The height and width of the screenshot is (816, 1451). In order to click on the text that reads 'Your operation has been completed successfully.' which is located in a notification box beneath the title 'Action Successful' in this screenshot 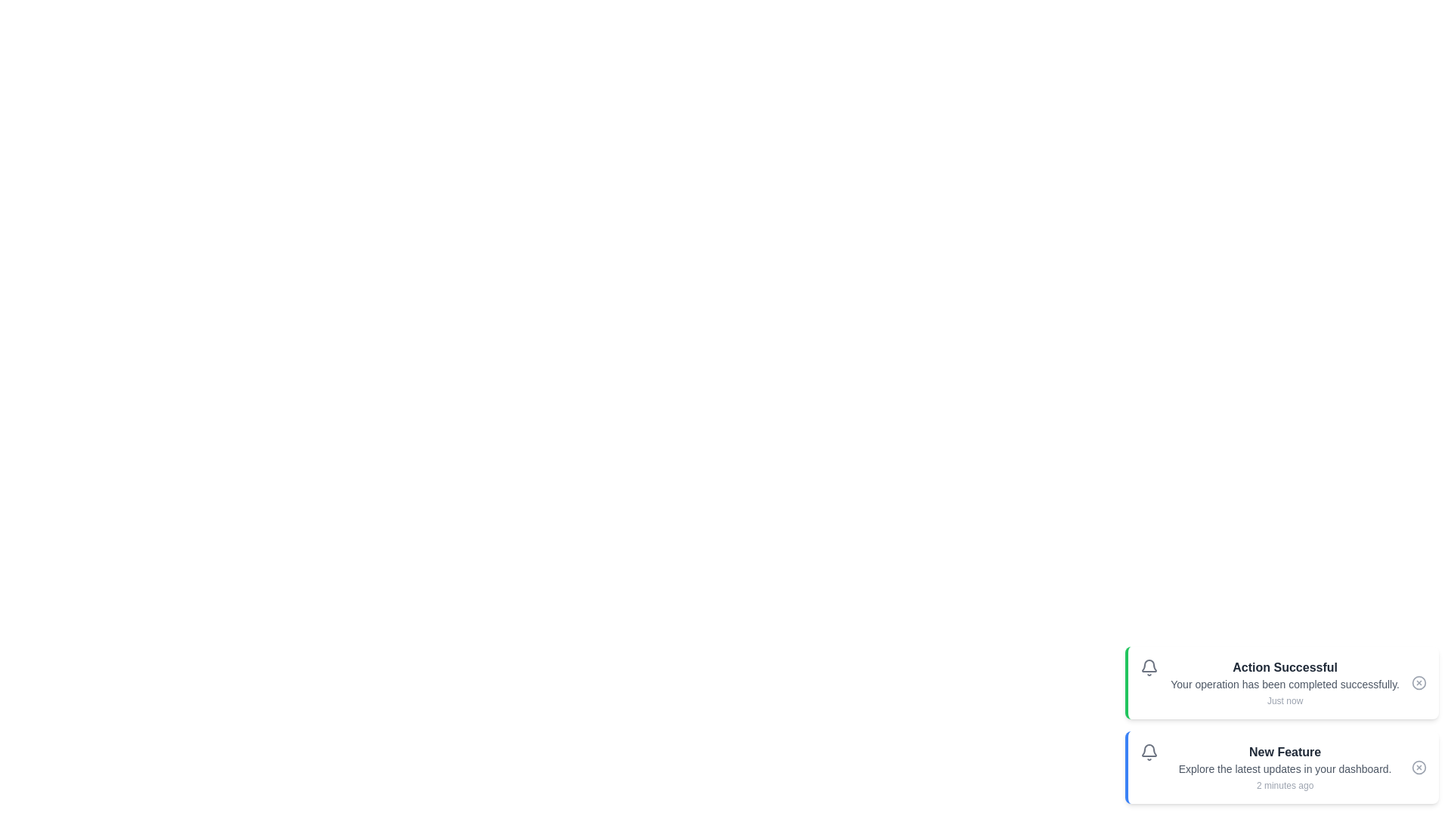, I will do `click(1283, 685)`.